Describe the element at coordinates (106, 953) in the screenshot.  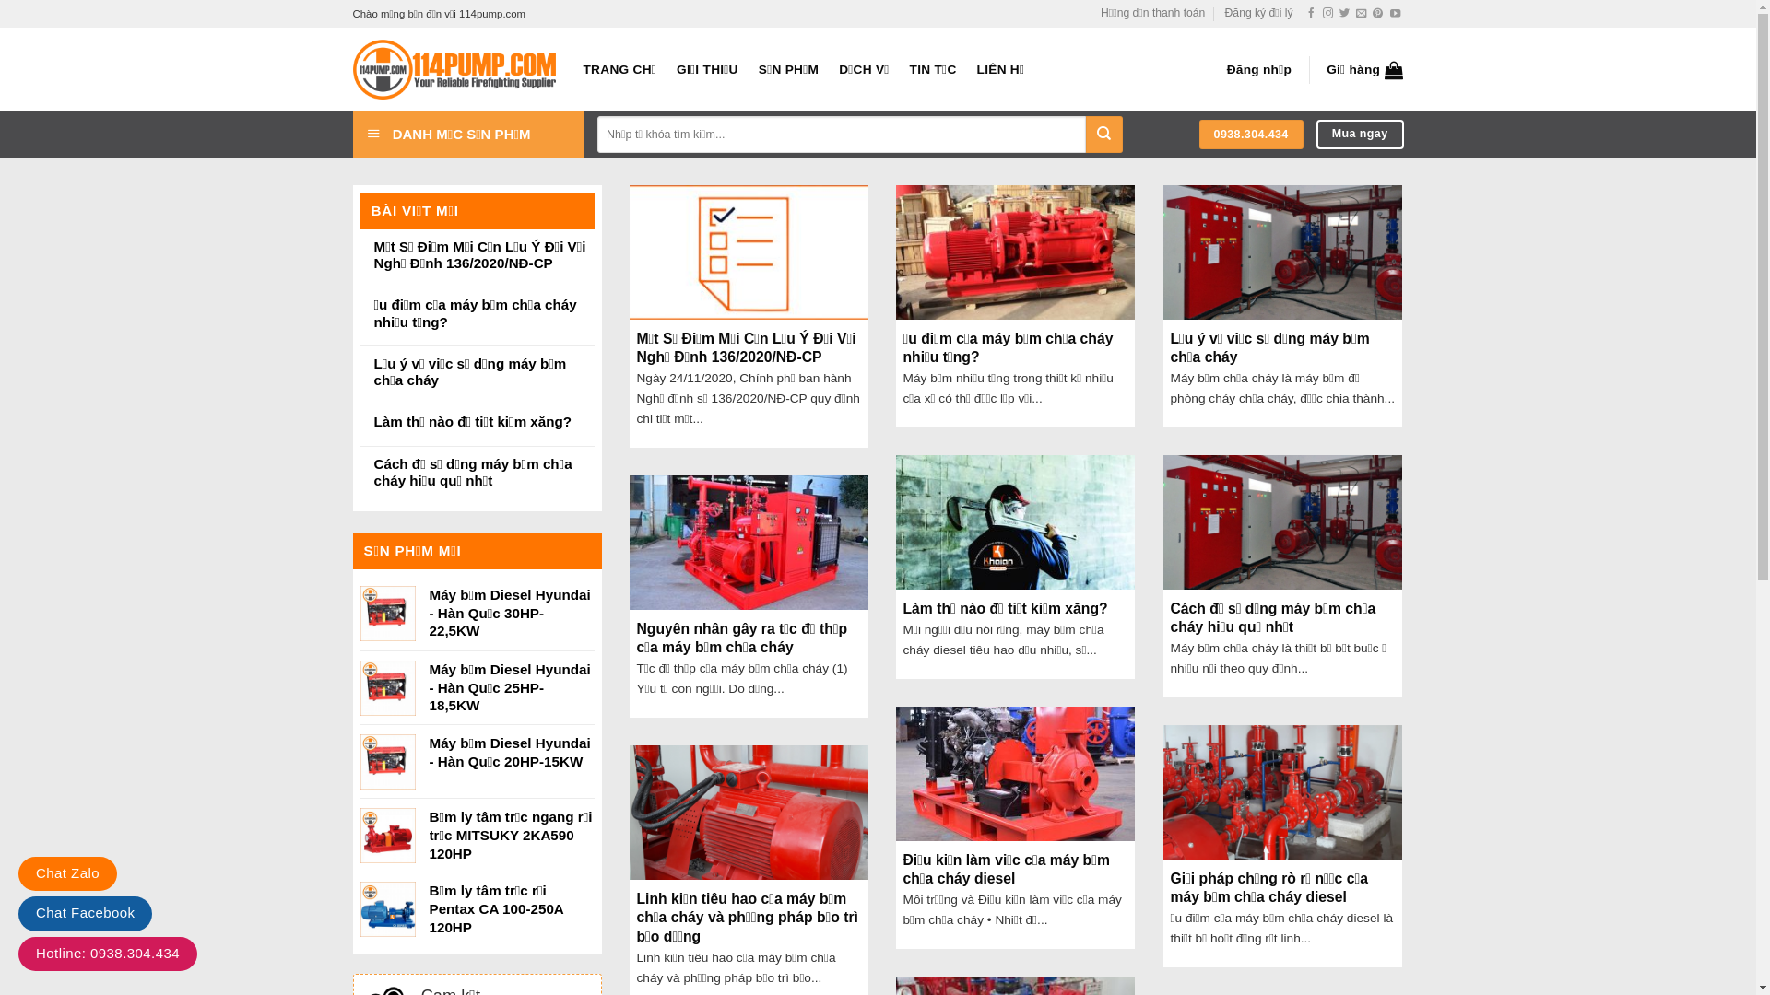
I see `'Hotline: 0938.304.434'` at that location.